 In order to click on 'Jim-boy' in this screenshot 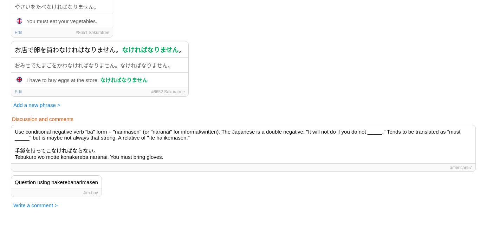, I will do `click(90, 192)`.